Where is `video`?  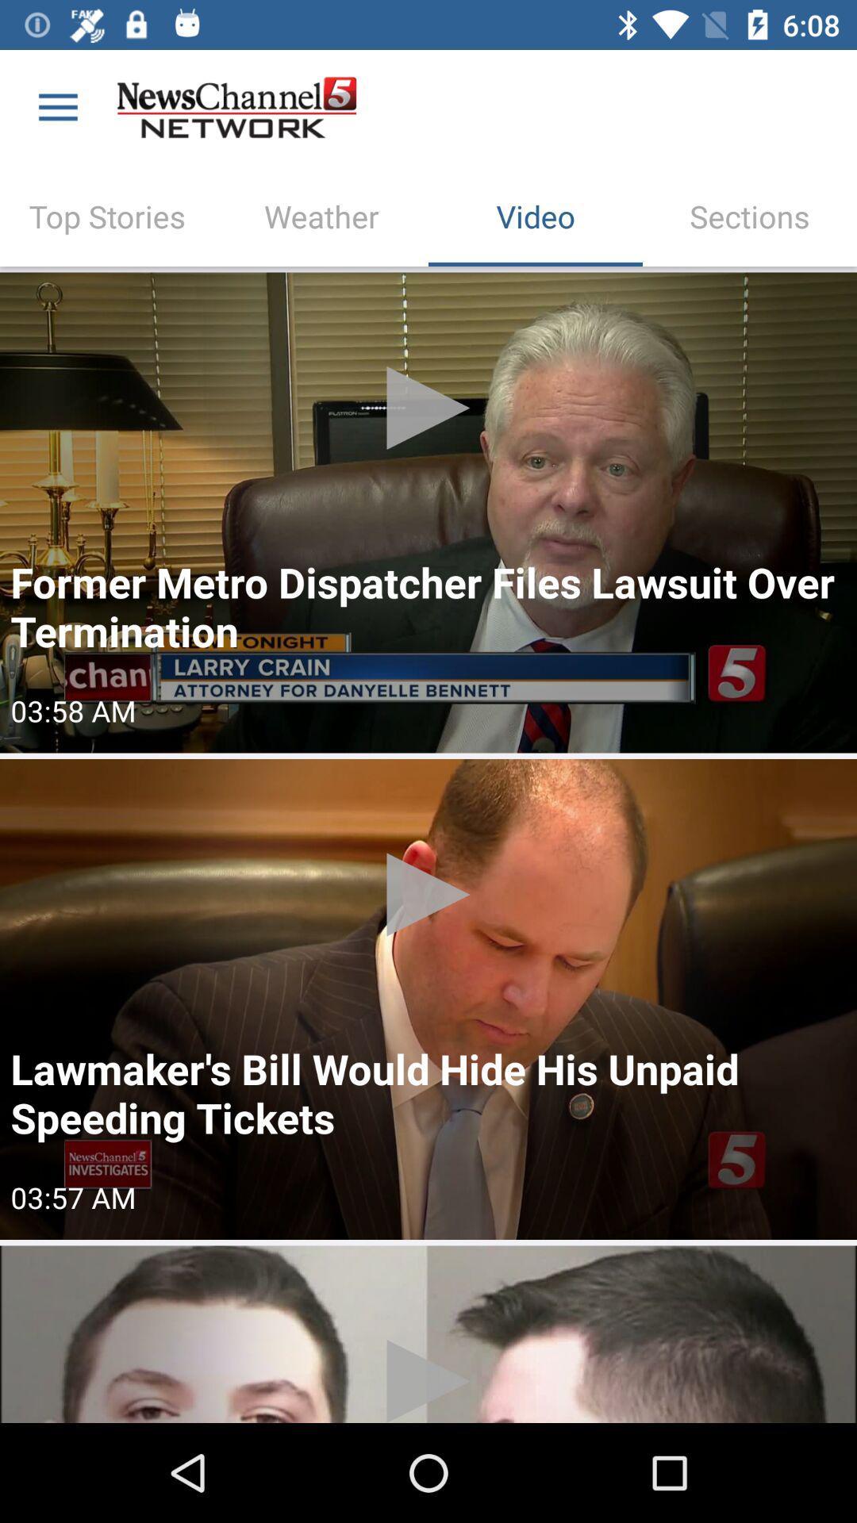
video is located at coordinates (428, 512).